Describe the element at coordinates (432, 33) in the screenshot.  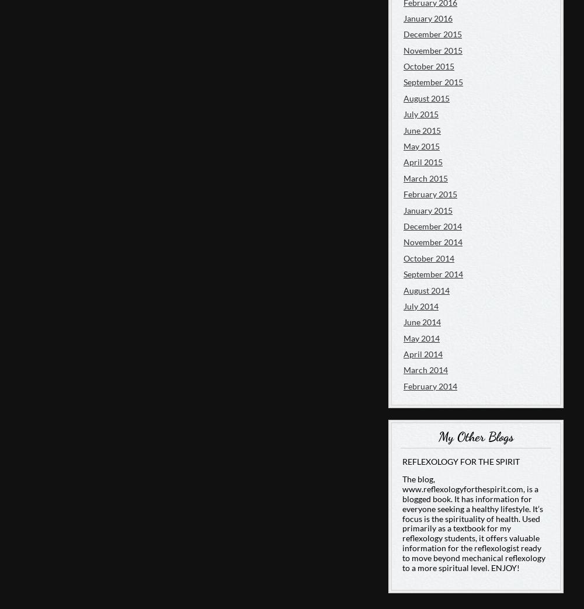
I see `'December 2015'` at that location.